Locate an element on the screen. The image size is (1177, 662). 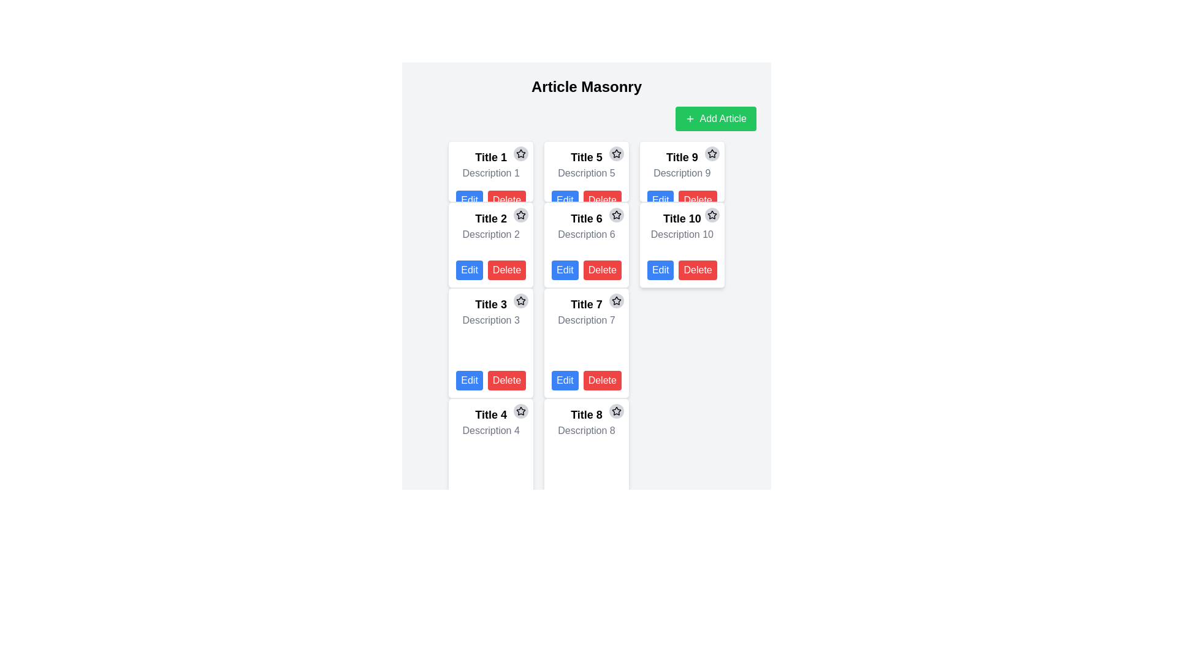
the star icon located in the upper-right corner of the card labeled 'Title 8' for keyboard interaction is located at coordinates (616, 411).